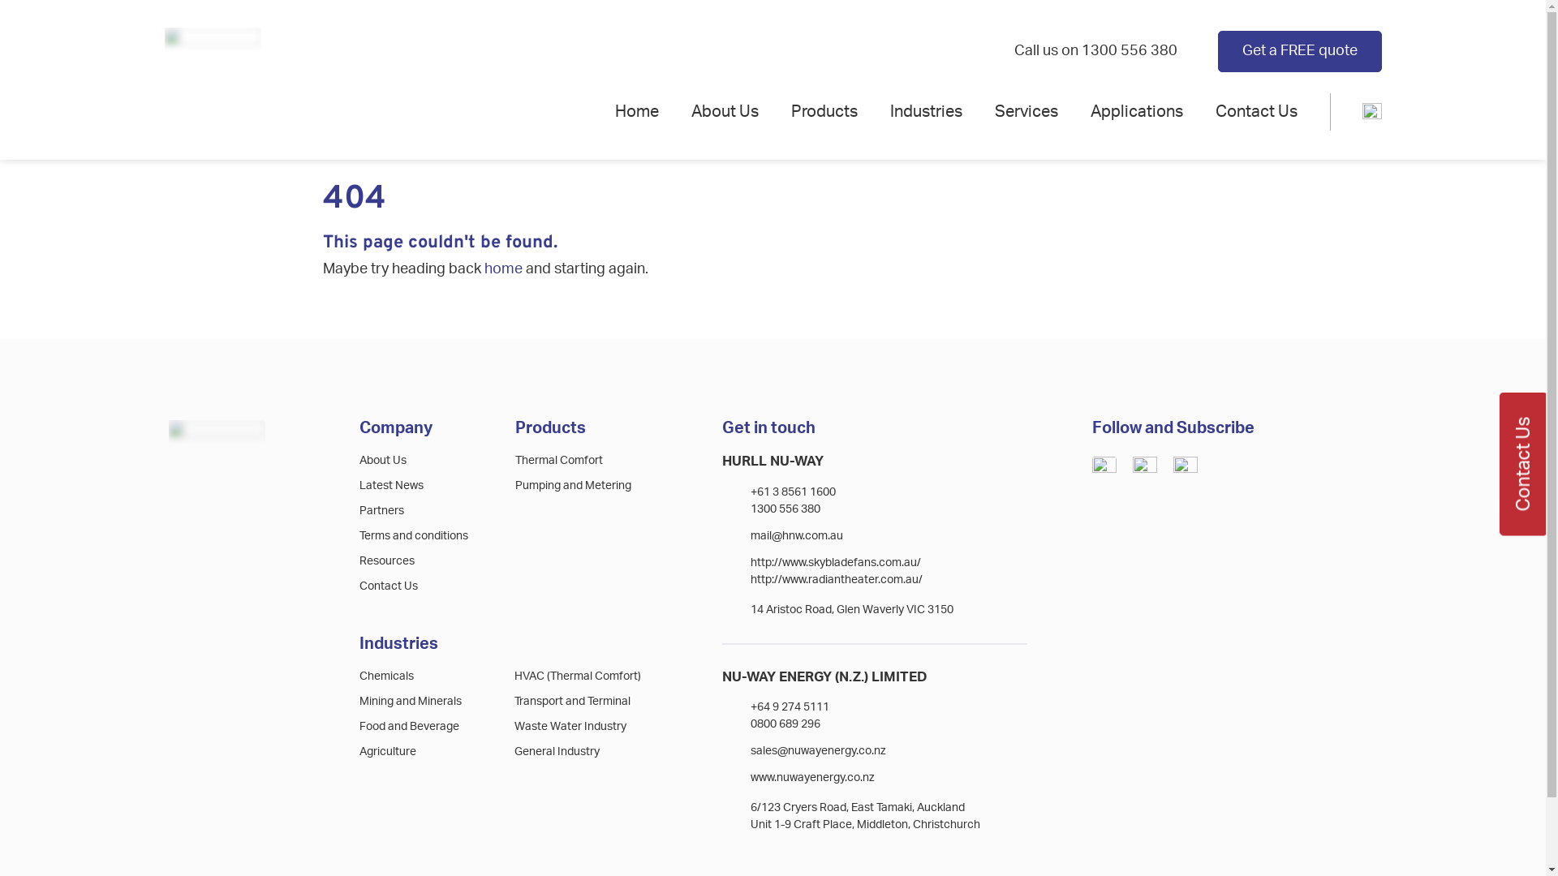 This screenshot has height=876, width=1558. I want to click on 'Latest News', so click(391, 484).